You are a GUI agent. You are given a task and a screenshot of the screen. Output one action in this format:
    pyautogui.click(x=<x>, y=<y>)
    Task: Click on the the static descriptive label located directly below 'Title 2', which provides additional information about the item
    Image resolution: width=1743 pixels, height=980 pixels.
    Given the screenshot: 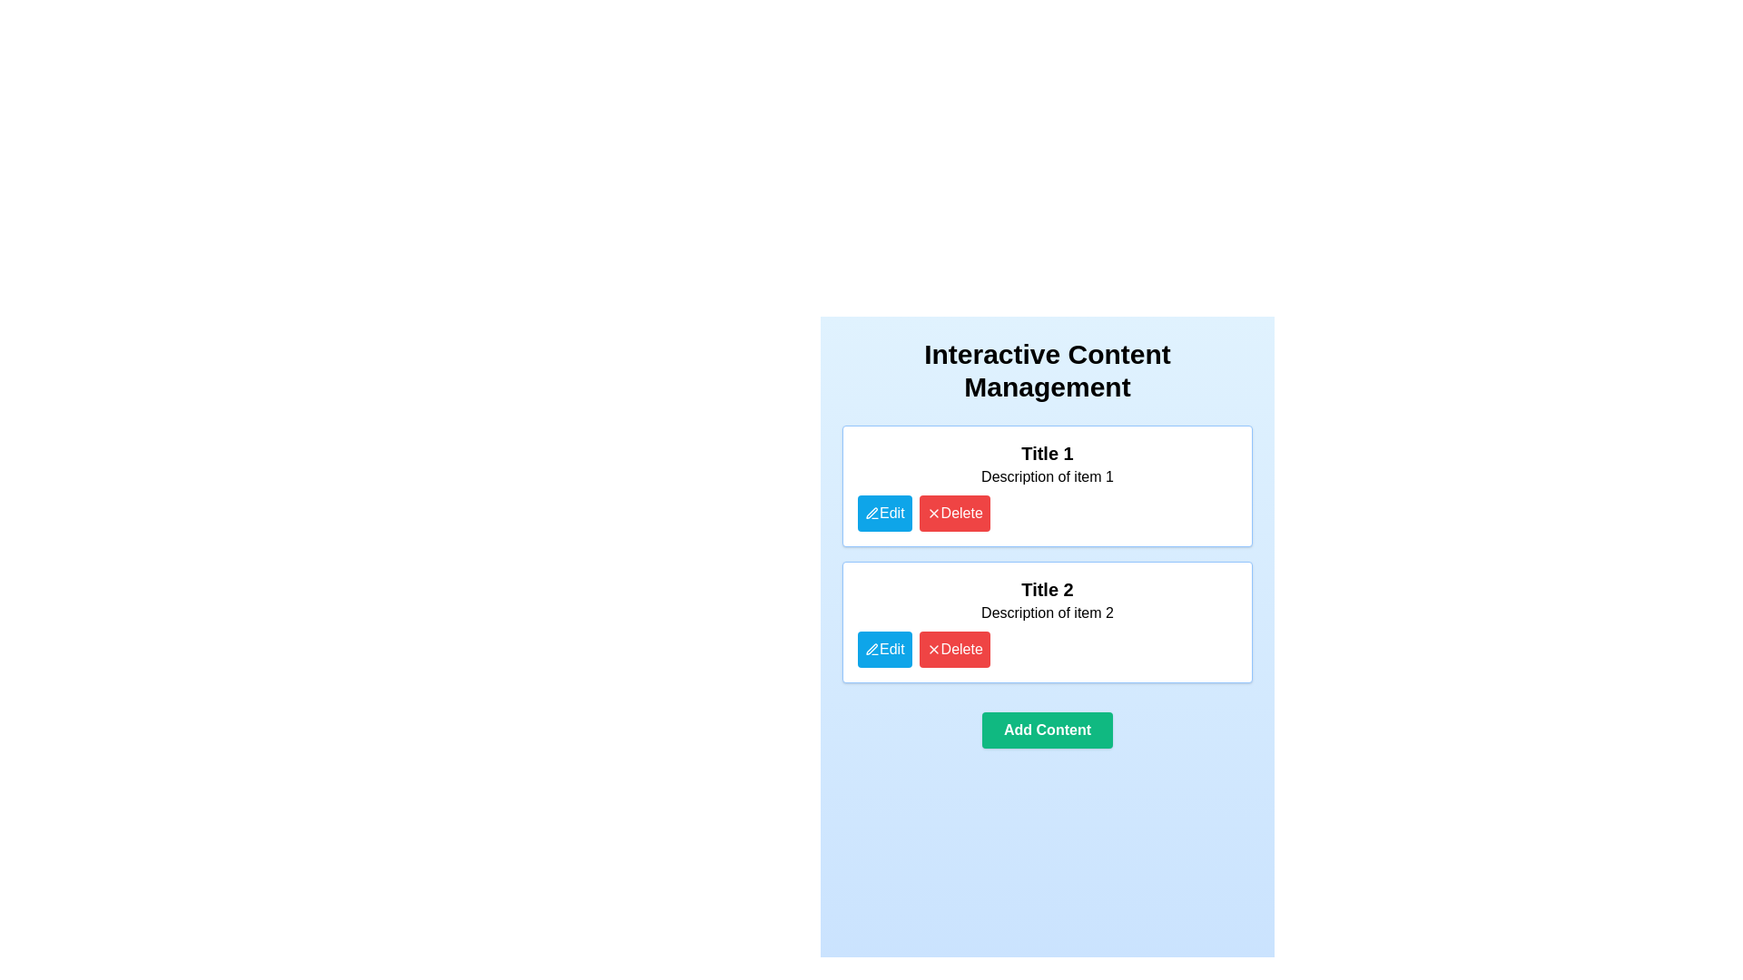 What is the action you would take?
    pyautogui.click(x=1047, y=612)
    